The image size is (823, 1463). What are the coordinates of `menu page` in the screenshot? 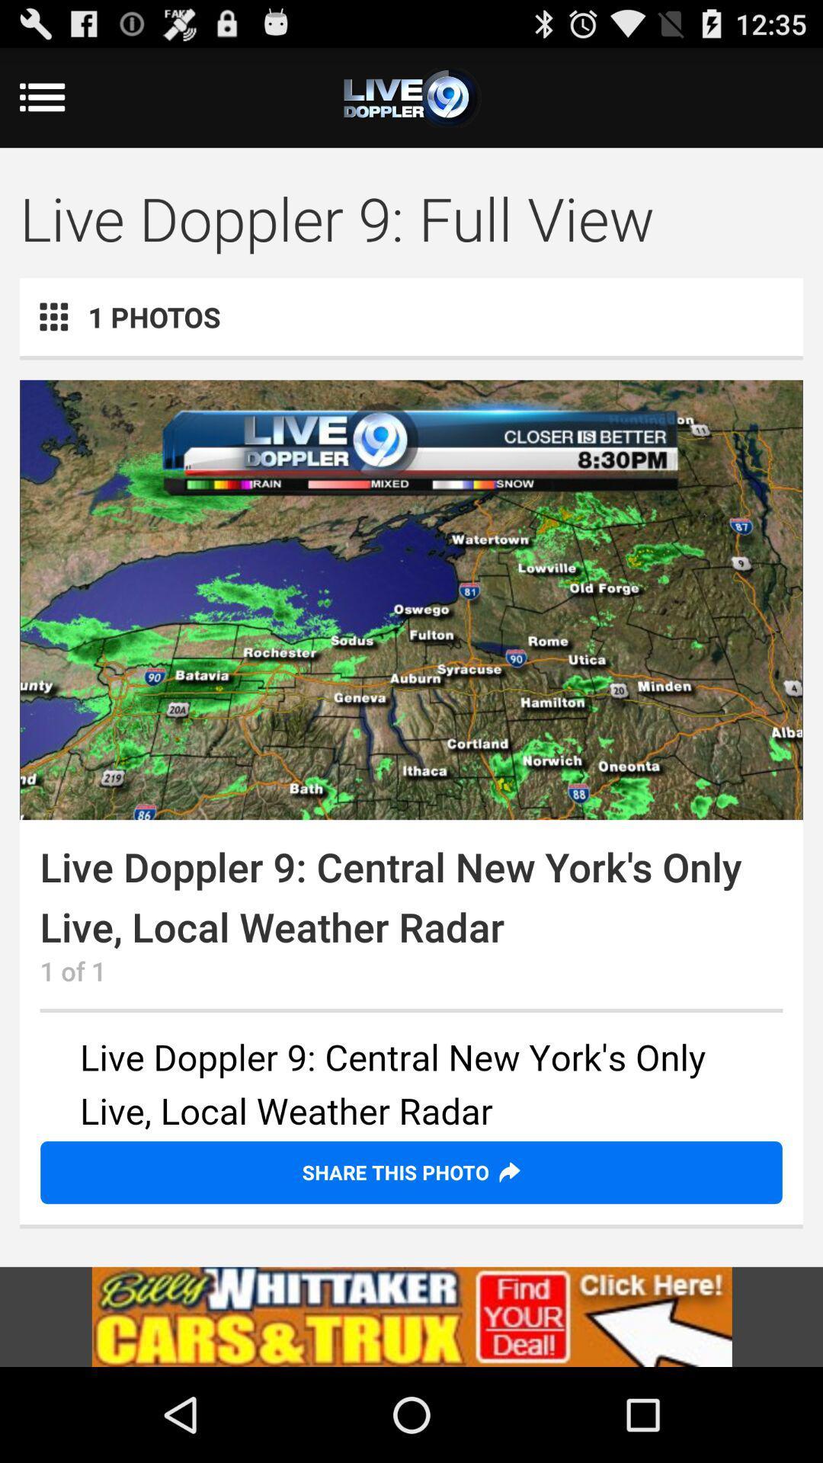 It's located at (411, 97).